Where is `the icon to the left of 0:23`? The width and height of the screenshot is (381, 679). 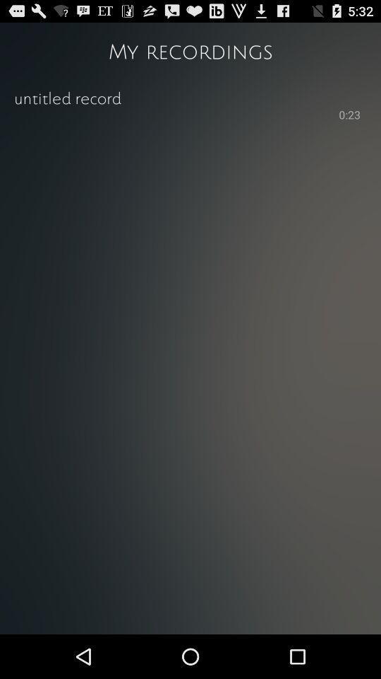 the icon to the left of 0:23 is located at coordinates (175, 113).